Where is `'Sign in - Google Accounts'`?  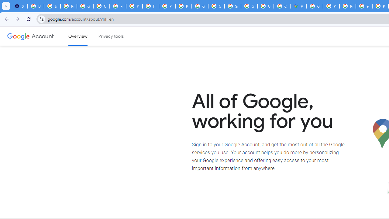
'Sign in - Google Accounts' is located at coordinates (232, 6).